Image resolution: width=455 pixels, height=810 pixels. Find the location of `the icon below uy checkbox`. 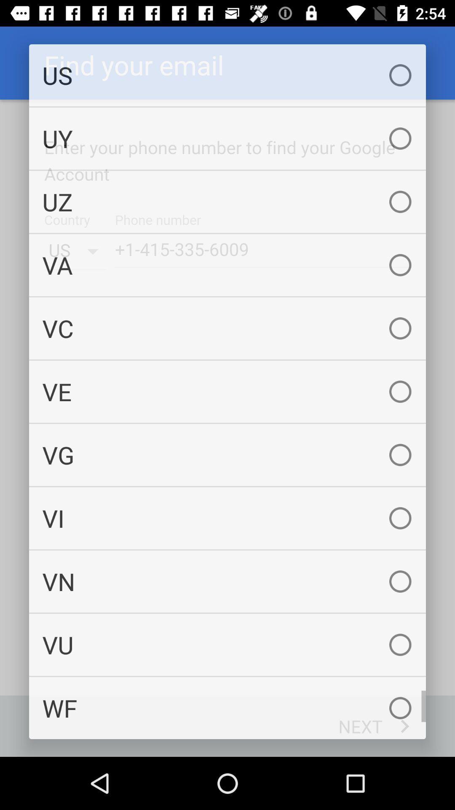

the icon below uy checkbox is located at coordinates (227, 201).